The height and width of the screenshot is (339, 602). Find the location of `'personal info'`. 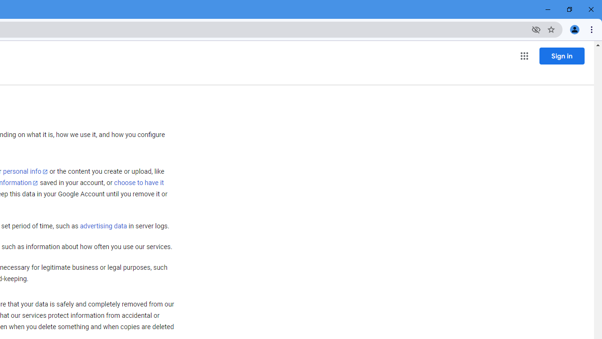

'personal info' is located at coordinates (25, 171).